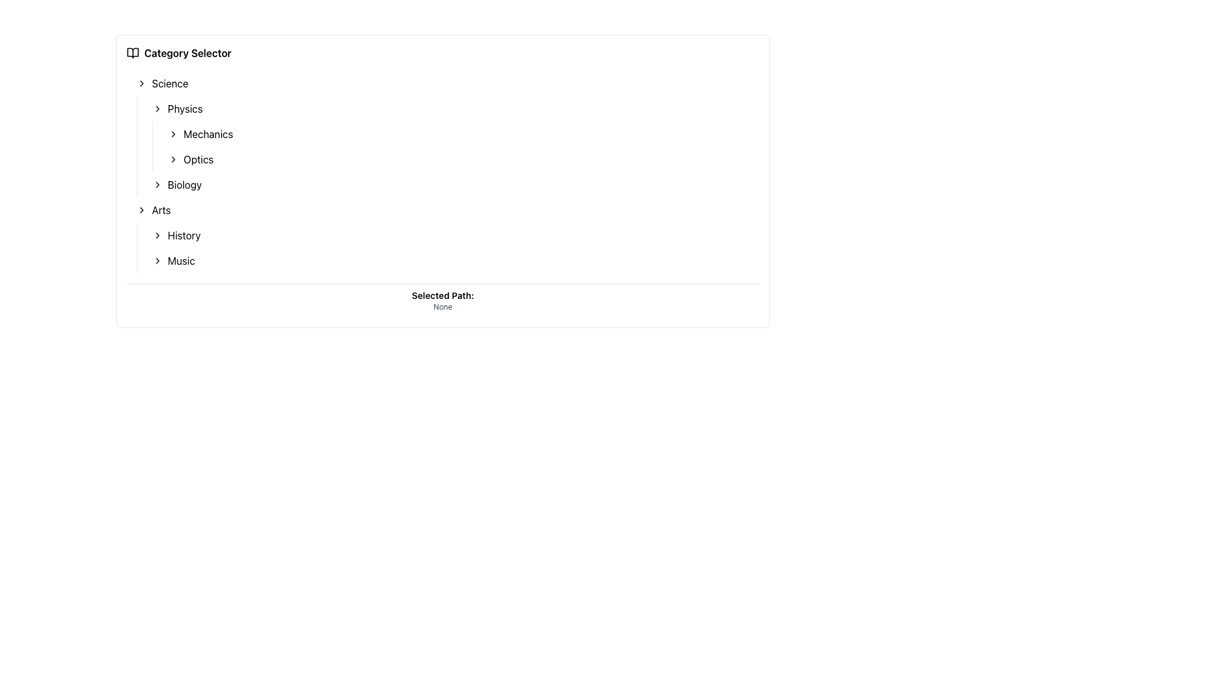 The image size is (1216, 684). Describe the element at coordinates (198, 158) in the screenshot. I see `the 'Optics' text label, which is a subcategory under 'Physics' in the 'Category Selector'` at that location.